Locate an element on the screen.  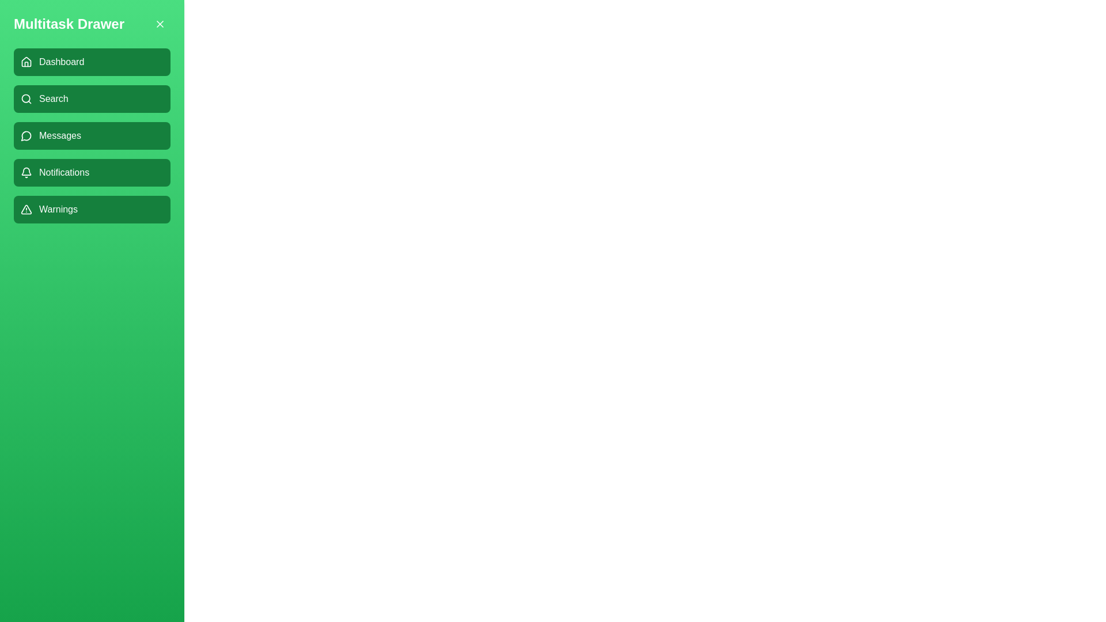
the 'Warnings' menu item to navigate to the 'Warnings' section is located at coordinates (91, 209).